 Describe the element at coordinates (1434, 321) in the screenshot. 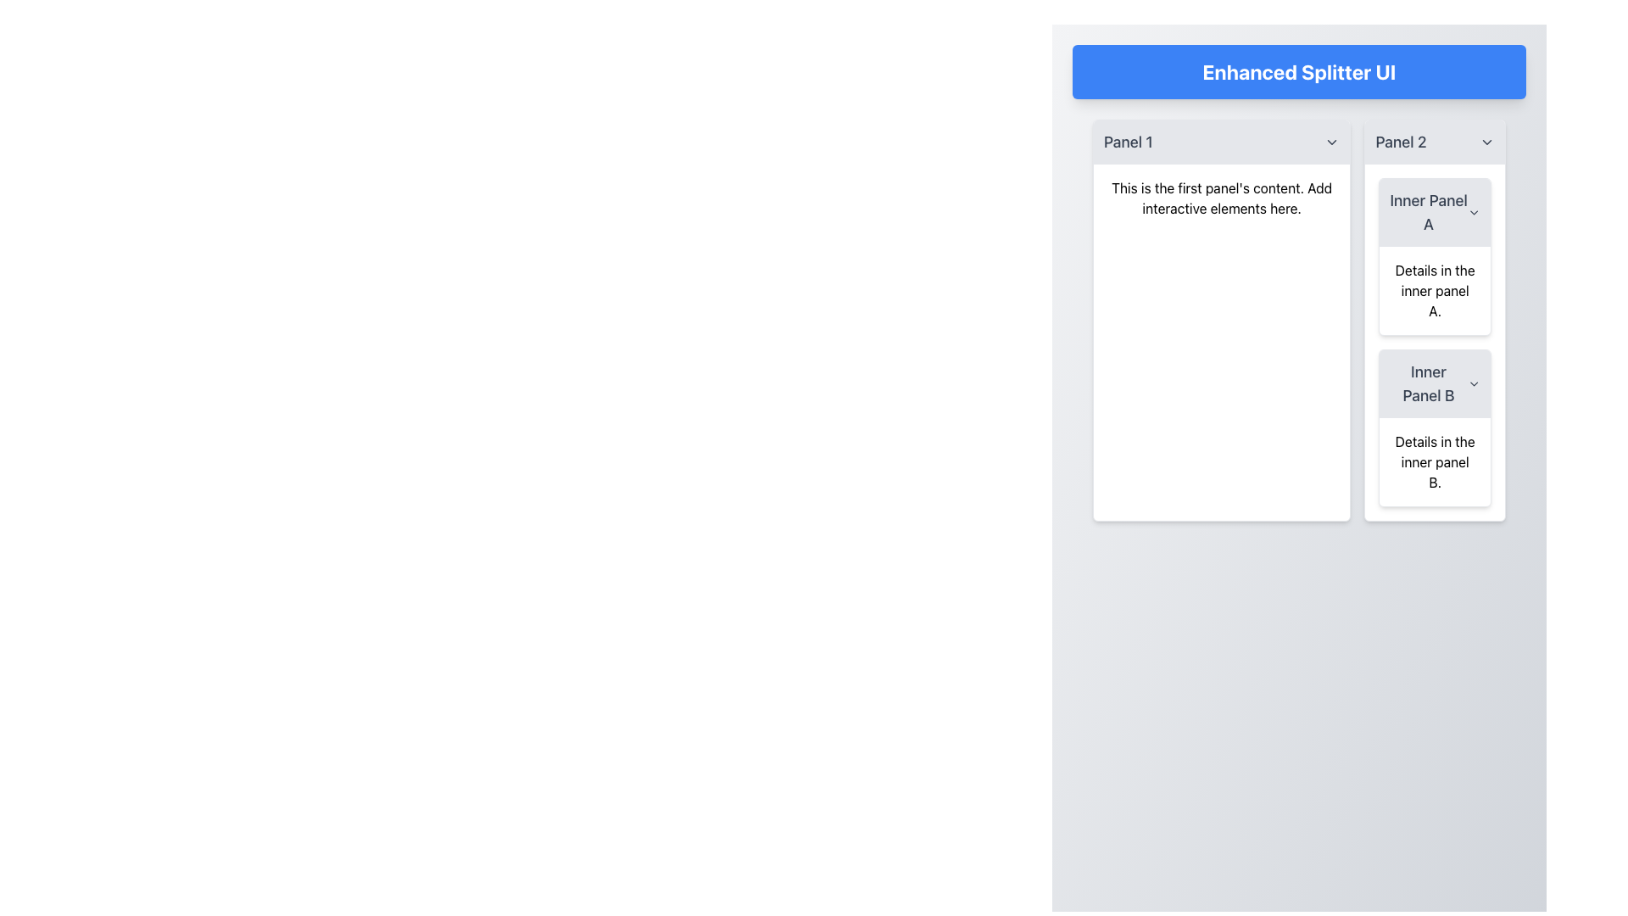

I see `the second collapsible panel with inner sections labeled 'Inner Panel A' and 'Inner Panel B'` at that location.